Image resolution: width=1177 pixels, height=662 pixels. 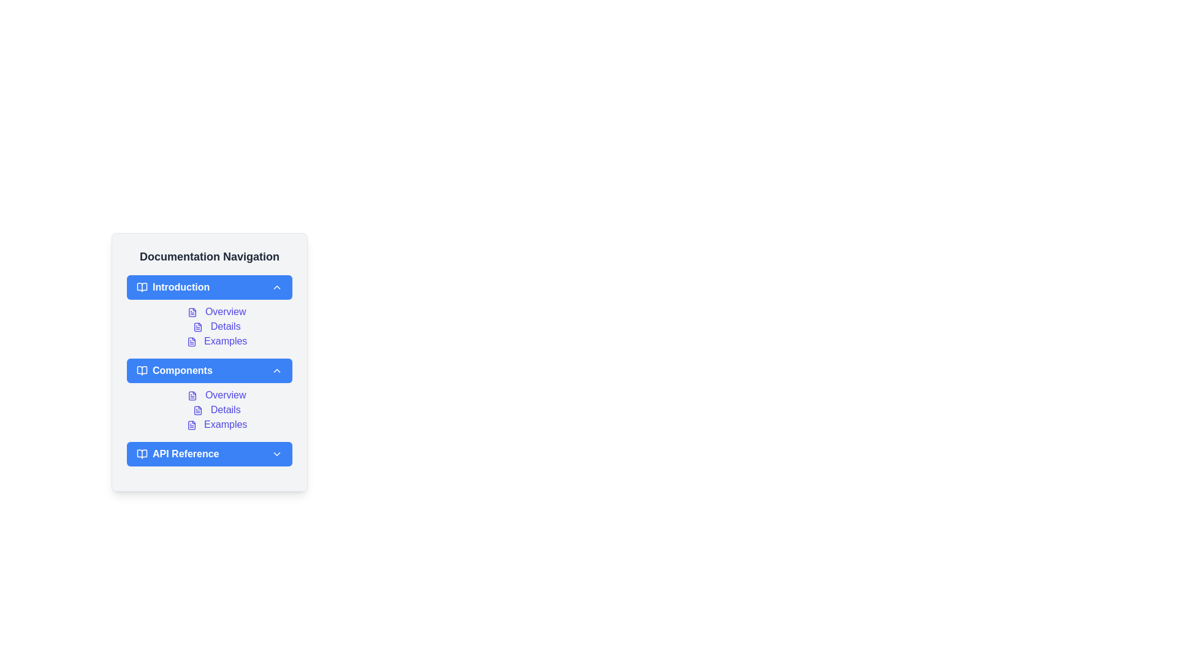 What do you see at coordinates (192, 395) in the screenshot?
I see `the document icon with a rectangular shape and a folded corner, located immediately to the left of the 'Overview' text in the 'Components' section` at bounding box center [192, 395].